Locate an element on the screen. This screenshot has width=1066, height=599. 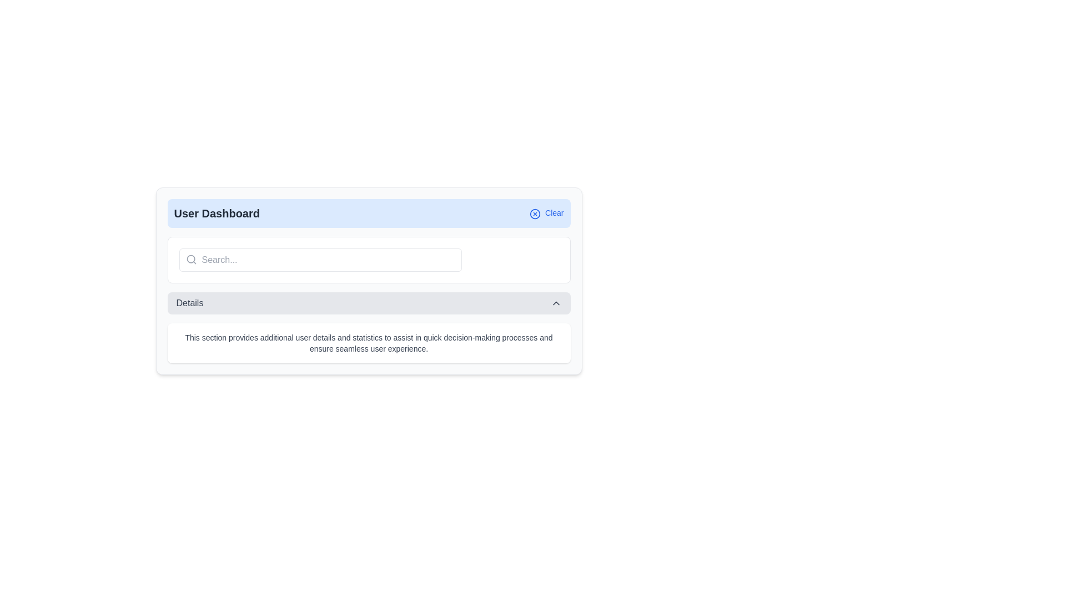
the 'Clear' link styled as a button located in the blue header bar of the 'User Dashboard' to initiate the clear action is located at coordinates (546, 214).